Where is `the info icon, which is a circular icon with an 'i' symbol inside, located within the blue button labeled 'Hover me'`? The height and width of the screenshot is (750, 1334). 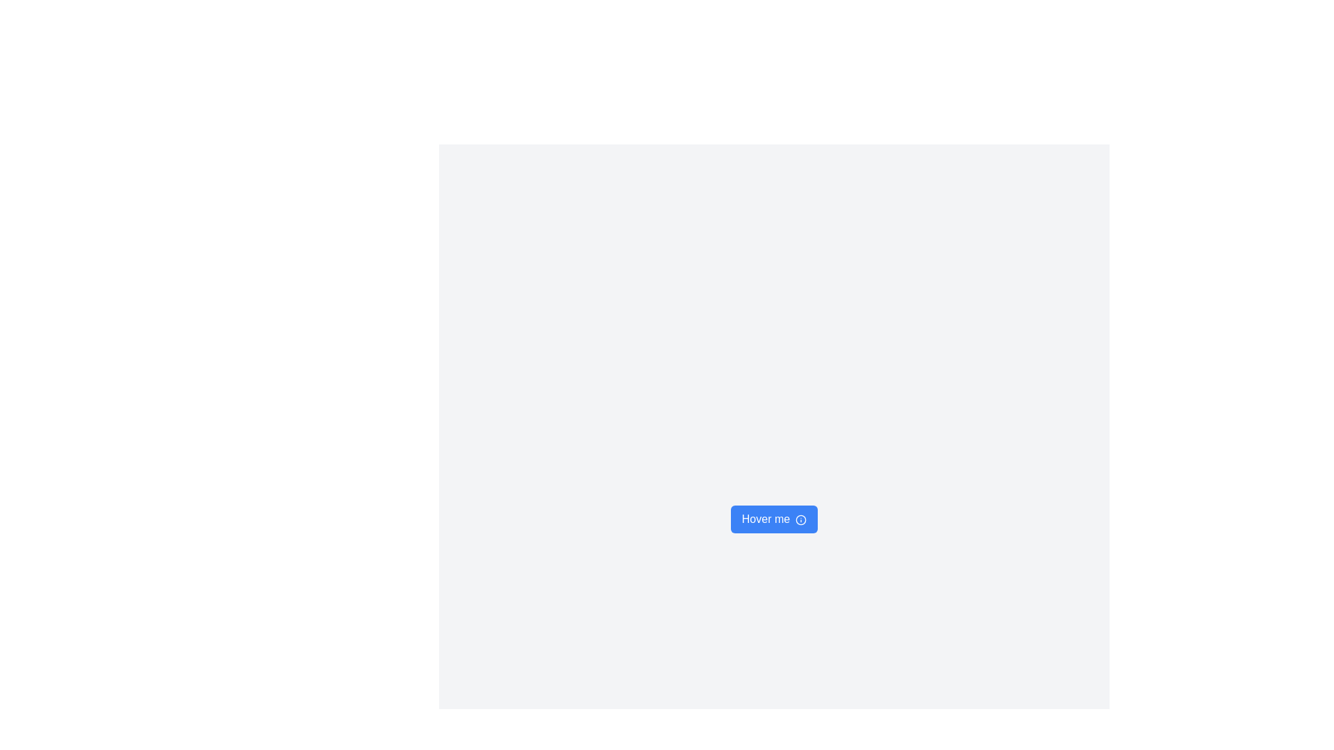
the info icon, which is a circular icon with an 'i' symbol inside, located within the blue button labeled 'Hover me' is located at coordinates (801, 519).